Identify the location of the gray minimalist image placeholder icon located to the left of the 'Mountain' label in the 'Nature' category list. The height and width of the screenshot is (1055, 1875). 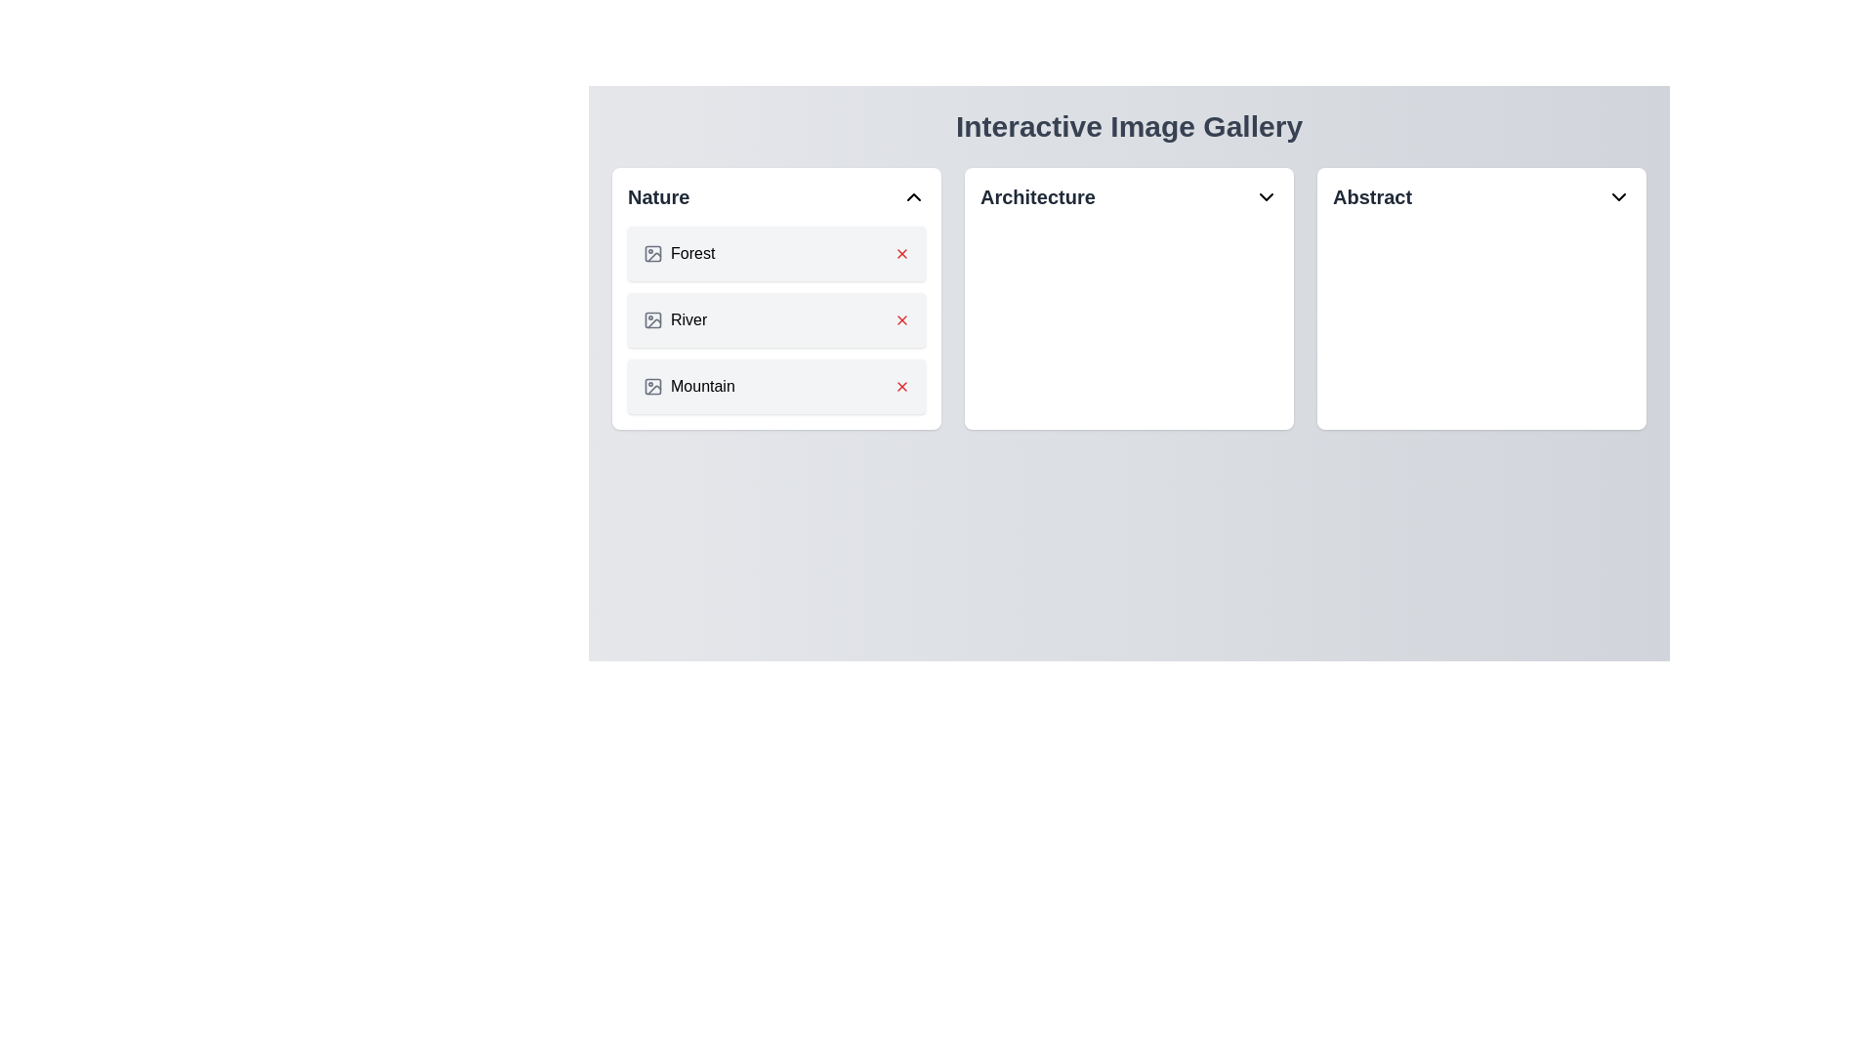
(652, 387).